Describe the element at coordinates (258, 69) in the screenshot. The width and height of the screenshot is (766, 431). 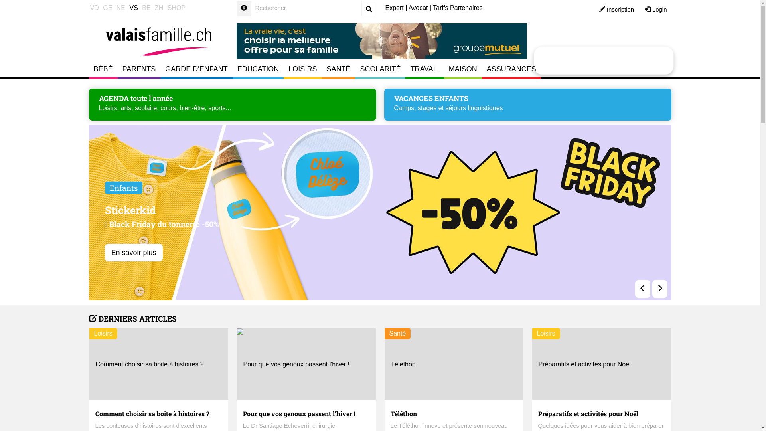
I see `'EDUCATION'` at that location.